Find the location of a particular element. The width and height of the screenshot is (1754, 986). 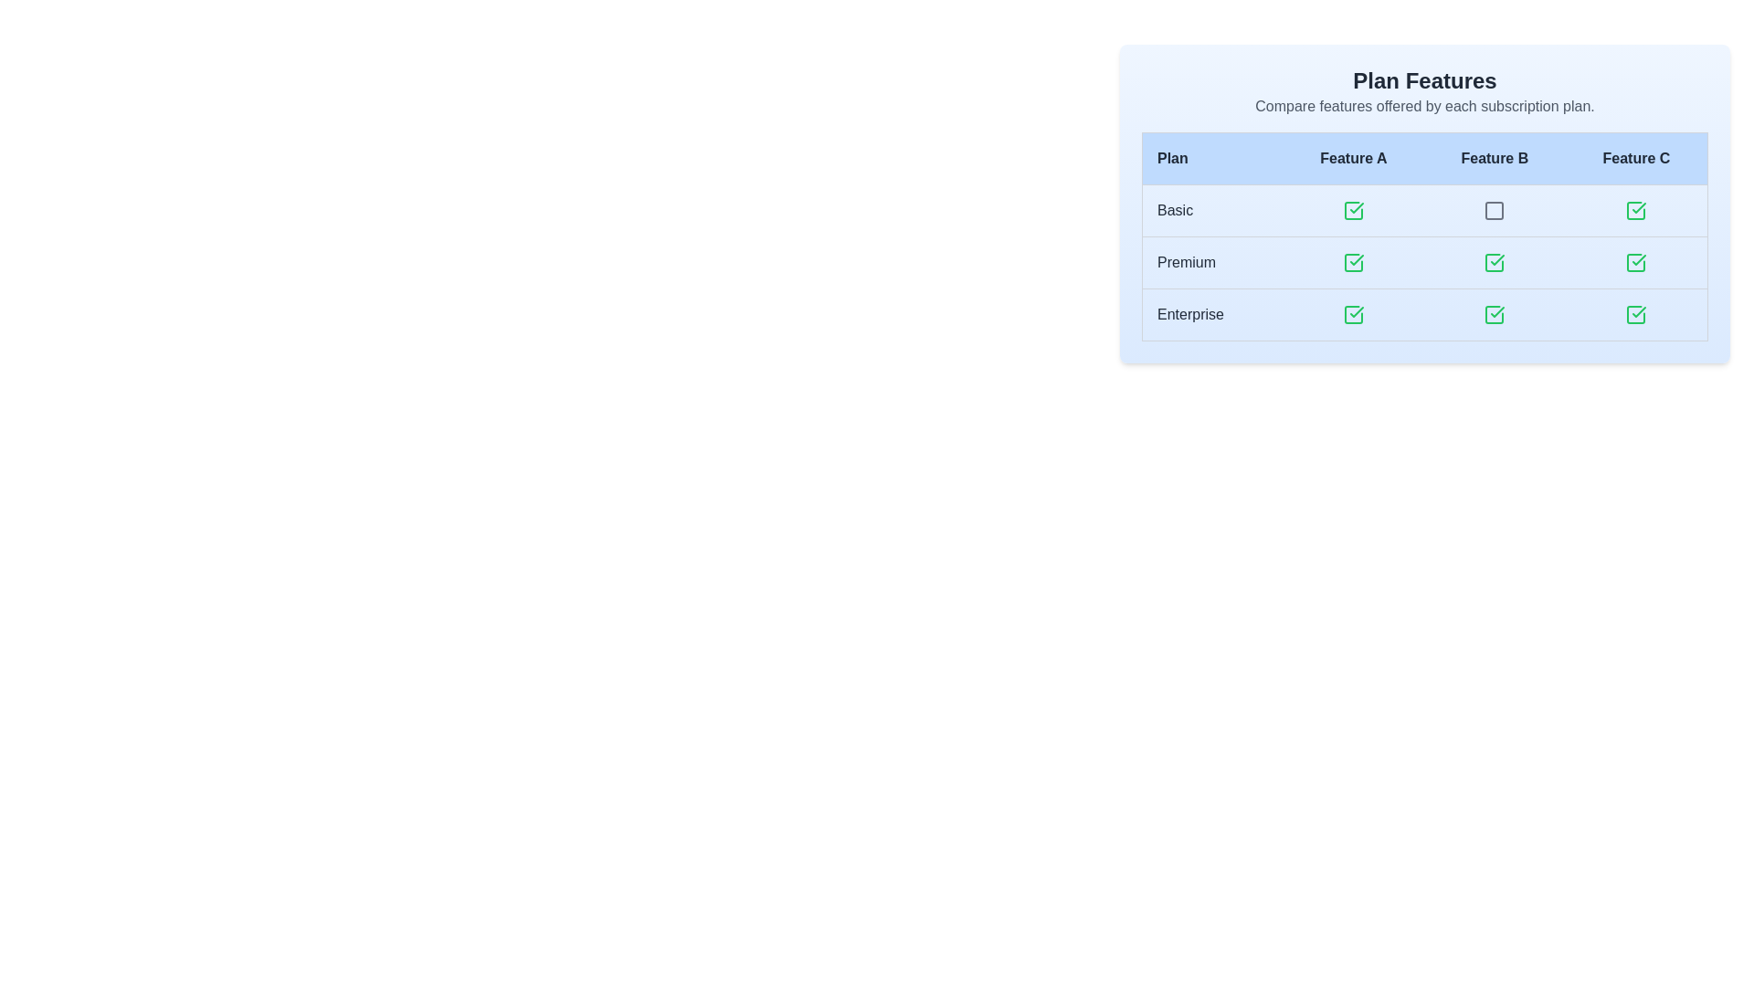

the small square icon with rounded corners in the 'Feature B' column of the table, located in the 'Basic' plan row is located at coordinates (1495, 210).